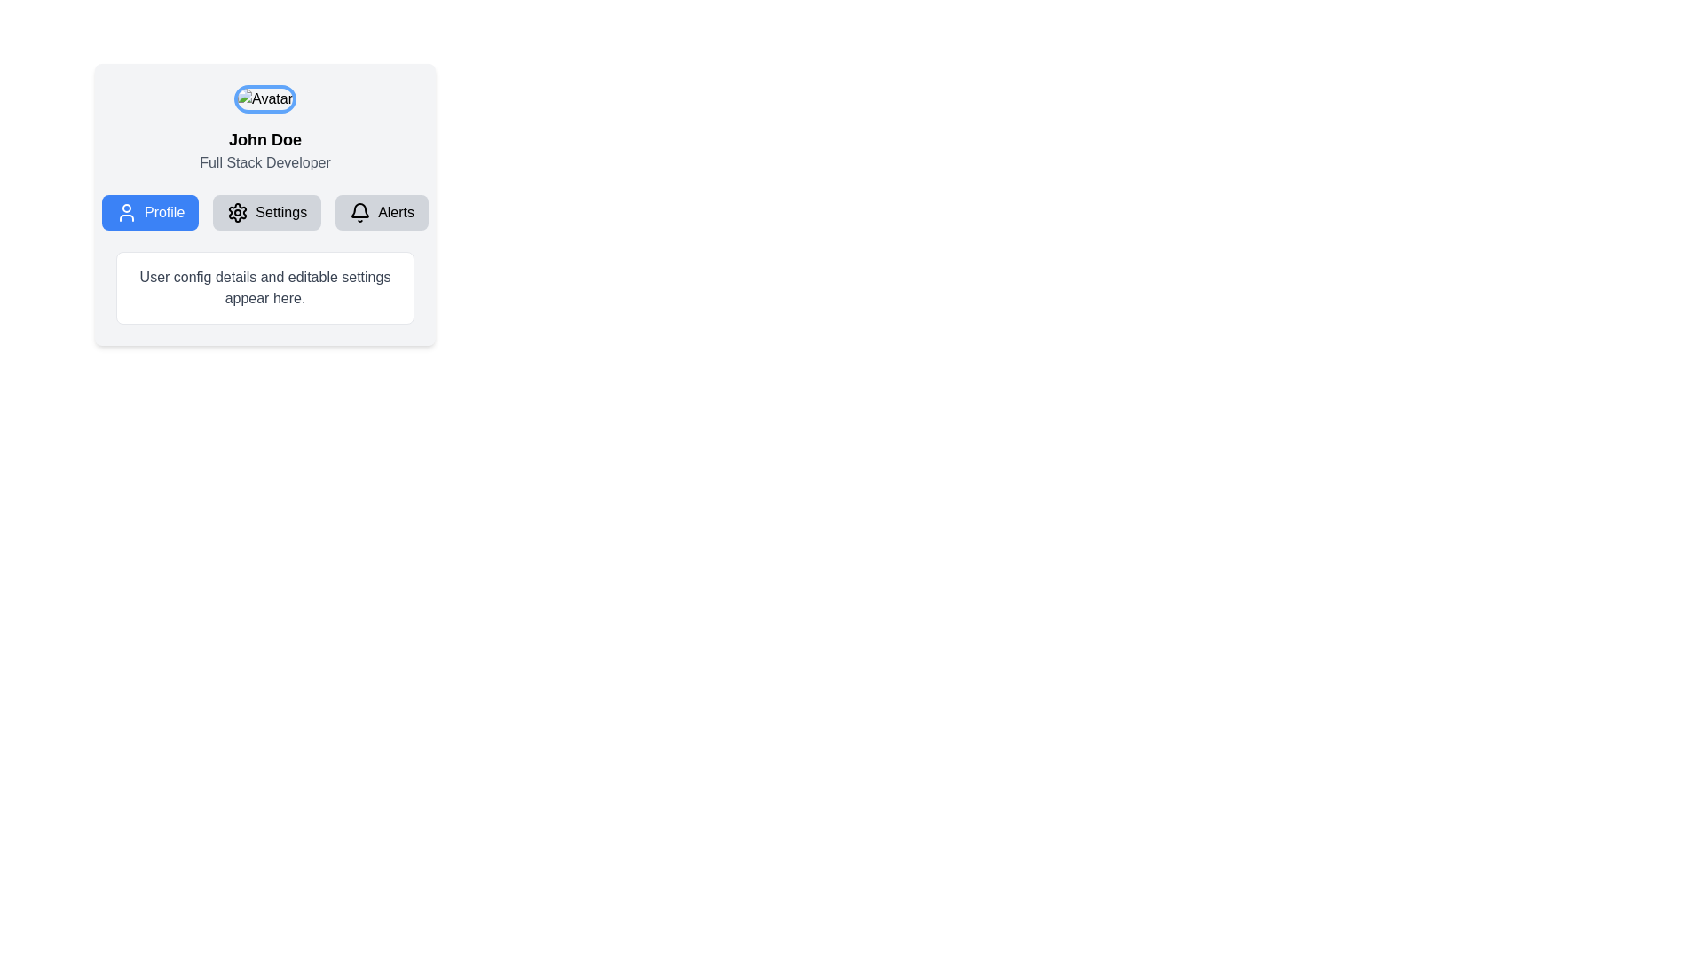 Image resolution: width=1704 pixels, height=958 pixels. I want to click on the user profile icon located inside the 'Profile' button in the top left section, so click(126, 211).